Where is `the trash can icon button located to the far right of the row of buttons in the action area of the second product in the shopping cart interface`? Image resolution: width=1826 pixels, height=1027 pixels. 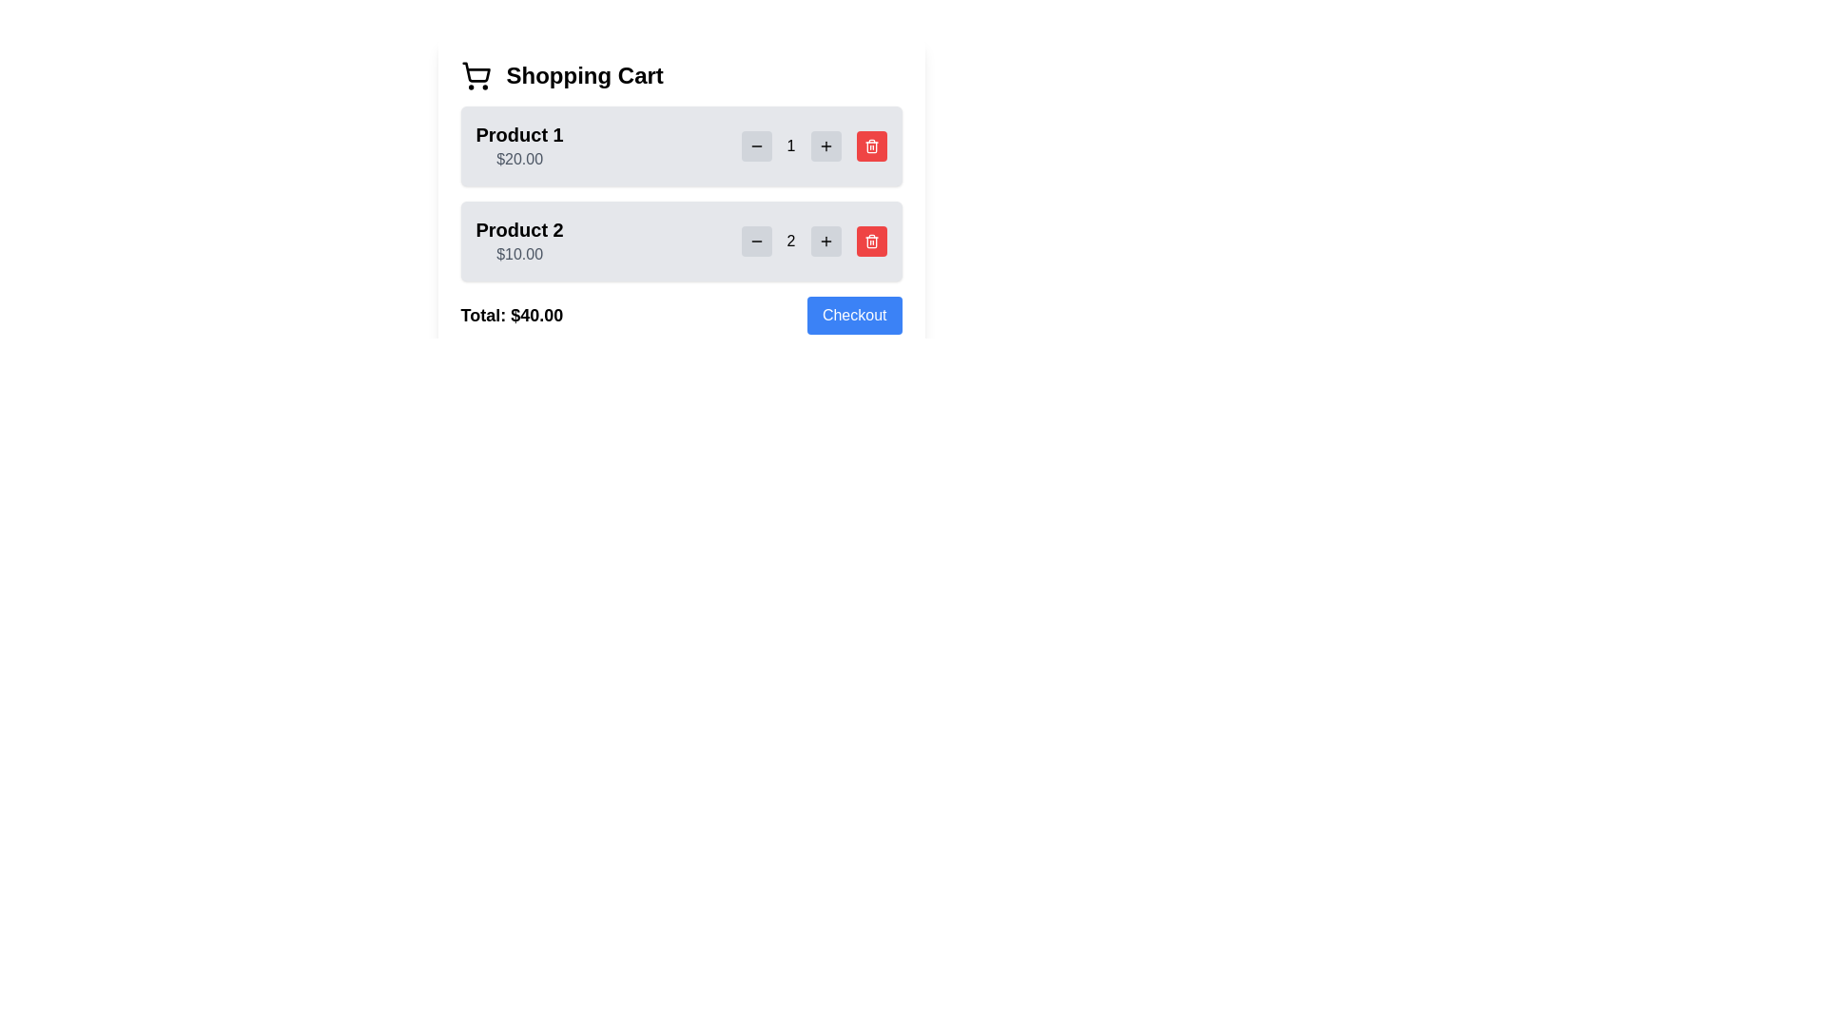
the trash can icon button located to the far right of the row of buttons in the action area of the second product in the shopping cart interface is located at coordinates (870, 241).